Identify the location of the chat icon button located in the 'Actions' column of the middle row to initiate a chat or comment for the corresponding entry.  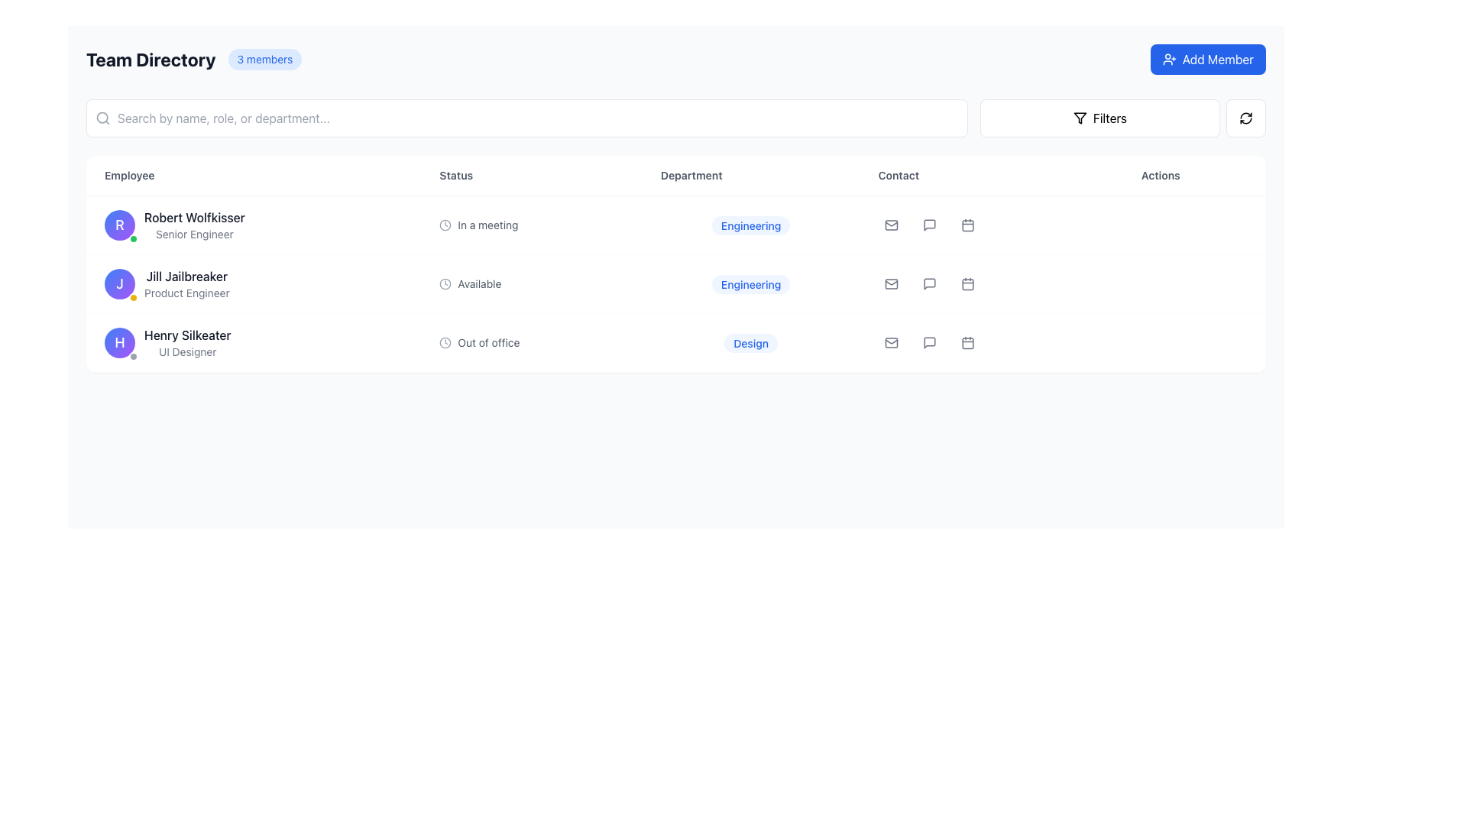
(928, 283).